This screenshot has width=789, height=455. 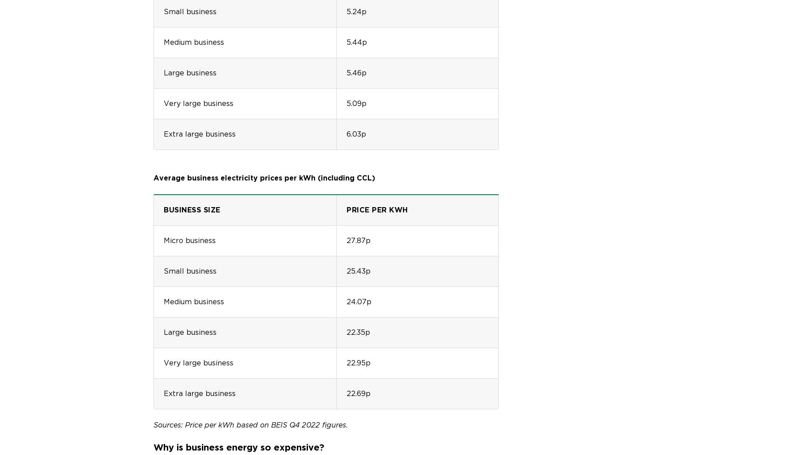 What do you see at coordinates (356, 72) in the screenshot?
I see `'5.46p'` at bounding box center [356, 72].